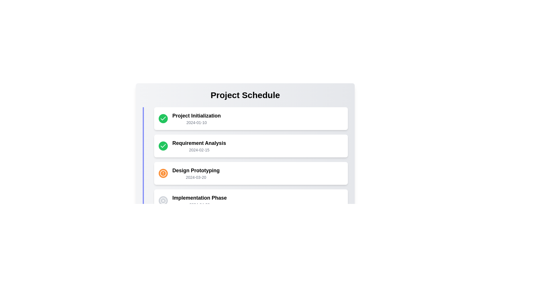  Describe the element at coordinates (163, 173) in the screenshot. I see `the SVG Circle that indicates a status or type of alert within the 'Design Prototyping' task icon in the third row of the task list` at that location.